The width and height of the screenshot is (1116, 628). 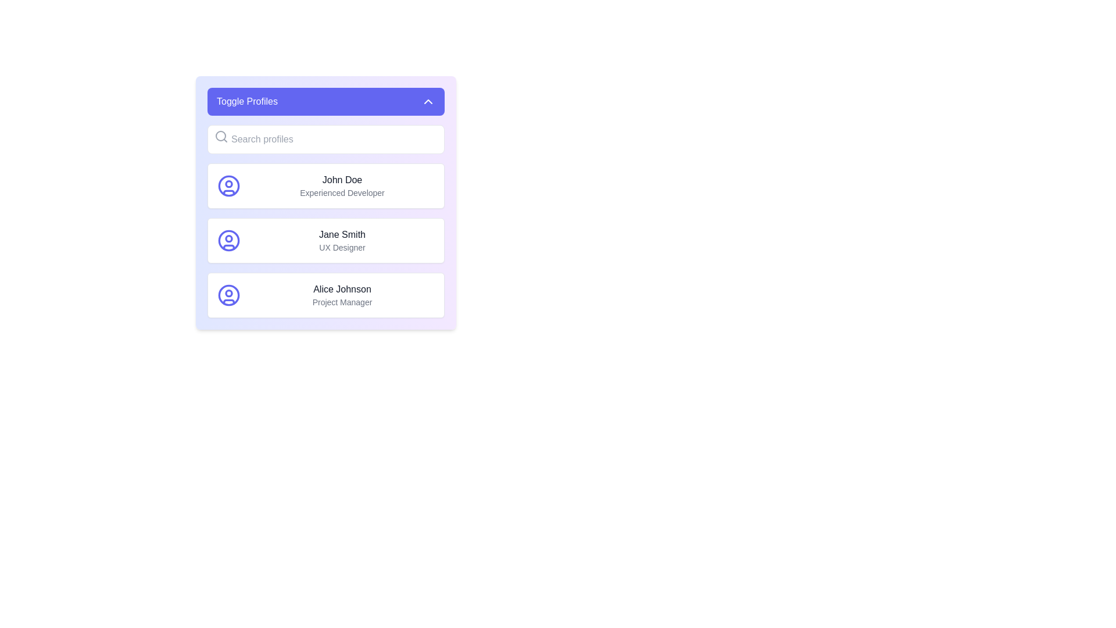 What do you see at coordinates (228, 295) in the screenshot?
I see `the user profile icon for 'Alice Johnson'` at bounding box center [228, 295].